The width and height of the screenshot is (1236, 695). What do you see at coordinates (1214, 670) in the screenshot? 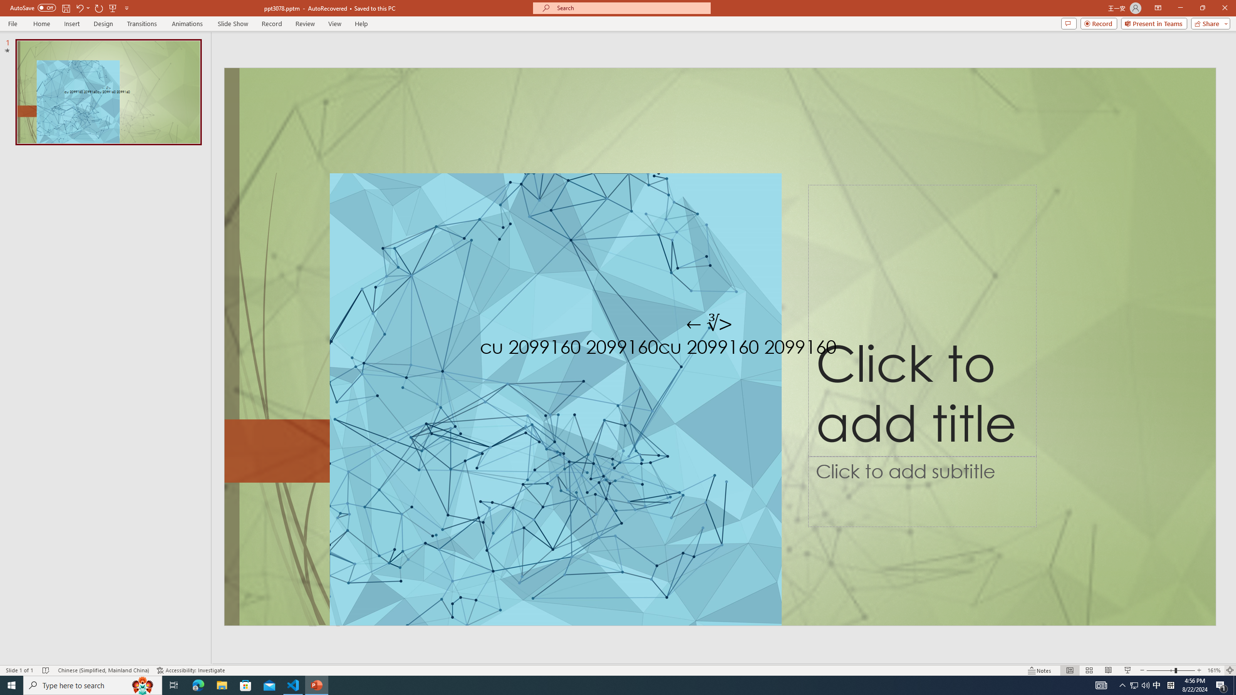
I see `'Zoom 161%'` at bounding box center [1214, 670].